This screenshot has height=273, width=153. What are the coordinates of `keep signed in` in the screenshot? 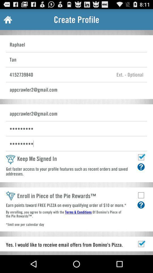 It's located at (141, 157).